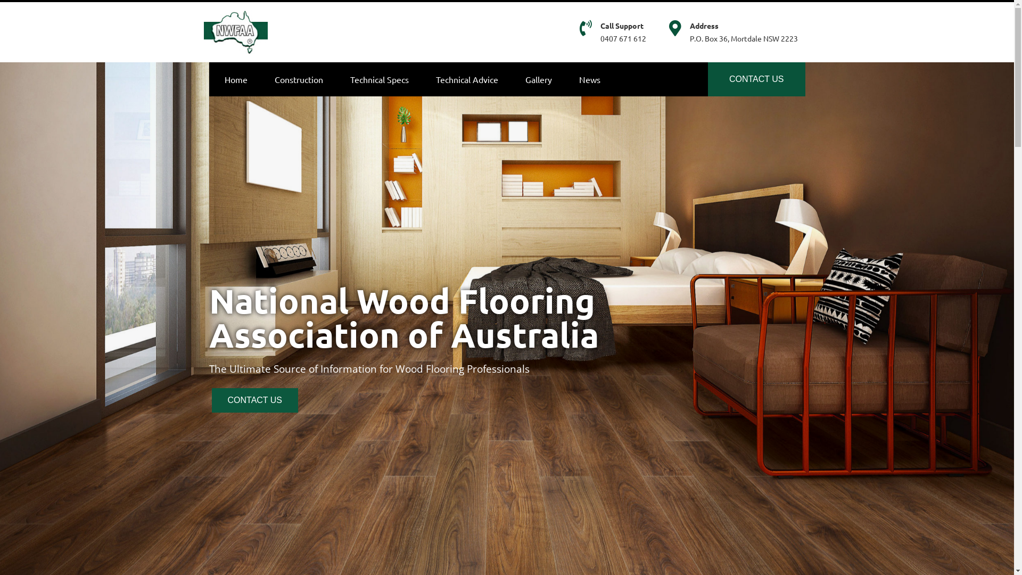 This screenshot has width=1022, height=575. Describe the element at coordinates (467, 78) in the screenshot. I see `'Technical Advice'` at that location.